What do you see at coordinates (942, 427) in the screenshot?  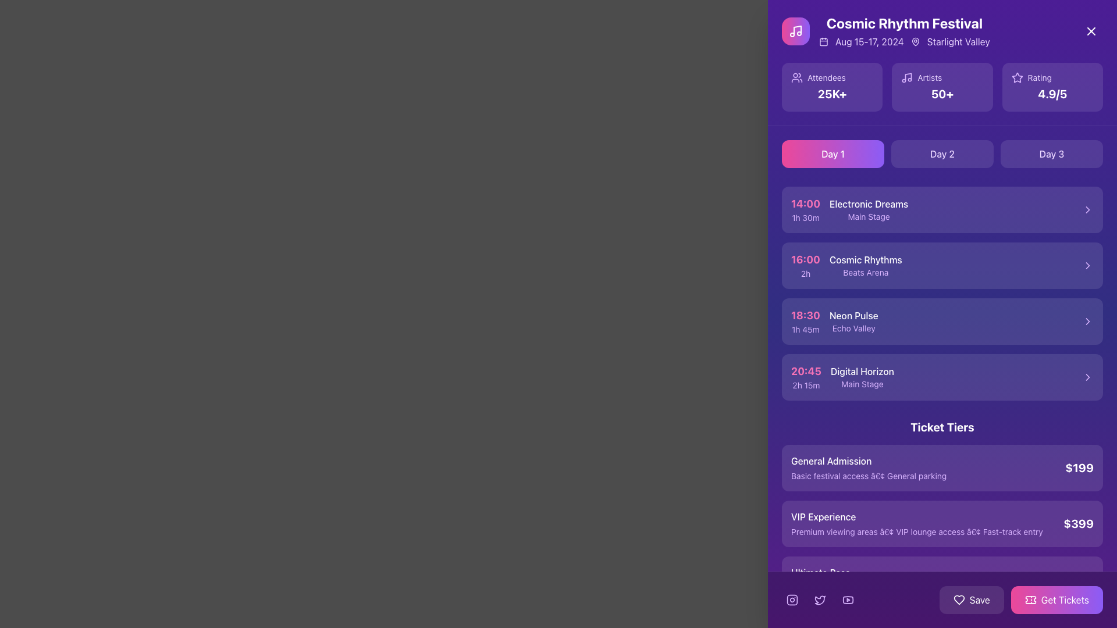 I see `the 'Ticket Tiers' text label, which is a bold, white label located at the top of the ticket options section on the right-hand side of the interface` at bounding box center [942, 427].